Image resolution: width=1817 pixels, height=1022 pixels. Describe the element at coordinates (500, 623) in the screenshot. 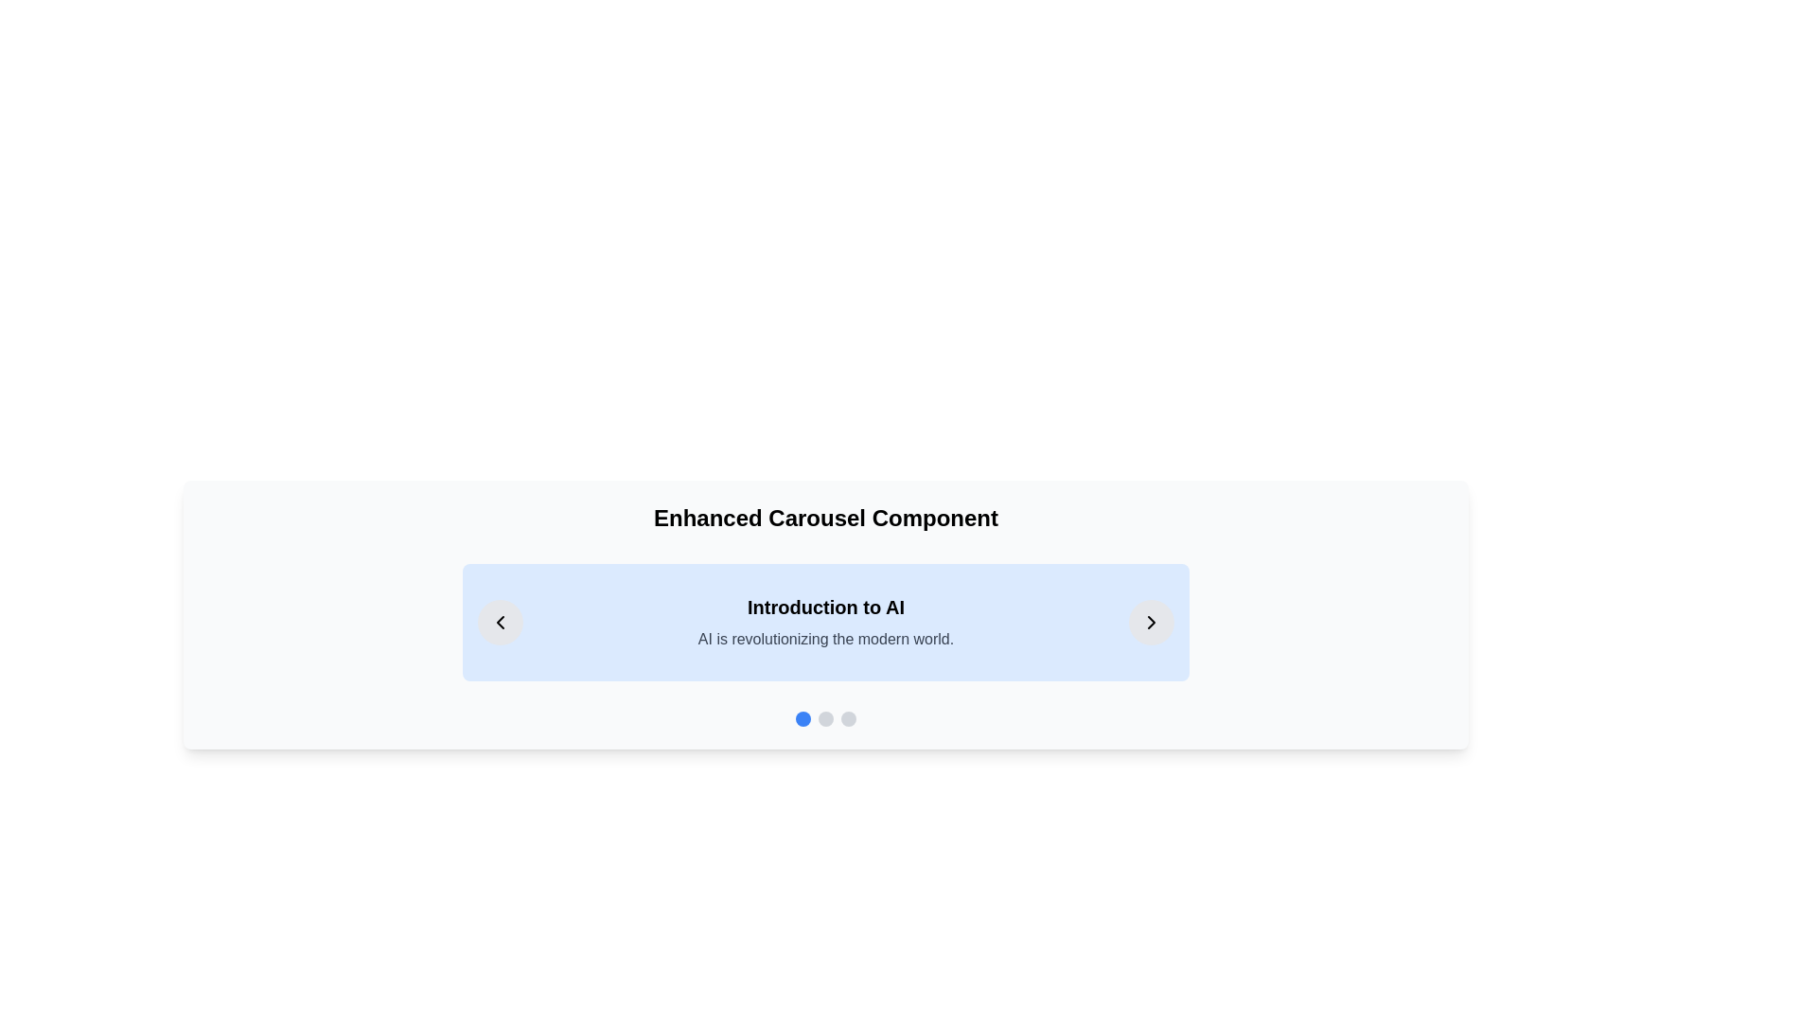

I see `the left-pointing chevron icon inside the round button` at that location.